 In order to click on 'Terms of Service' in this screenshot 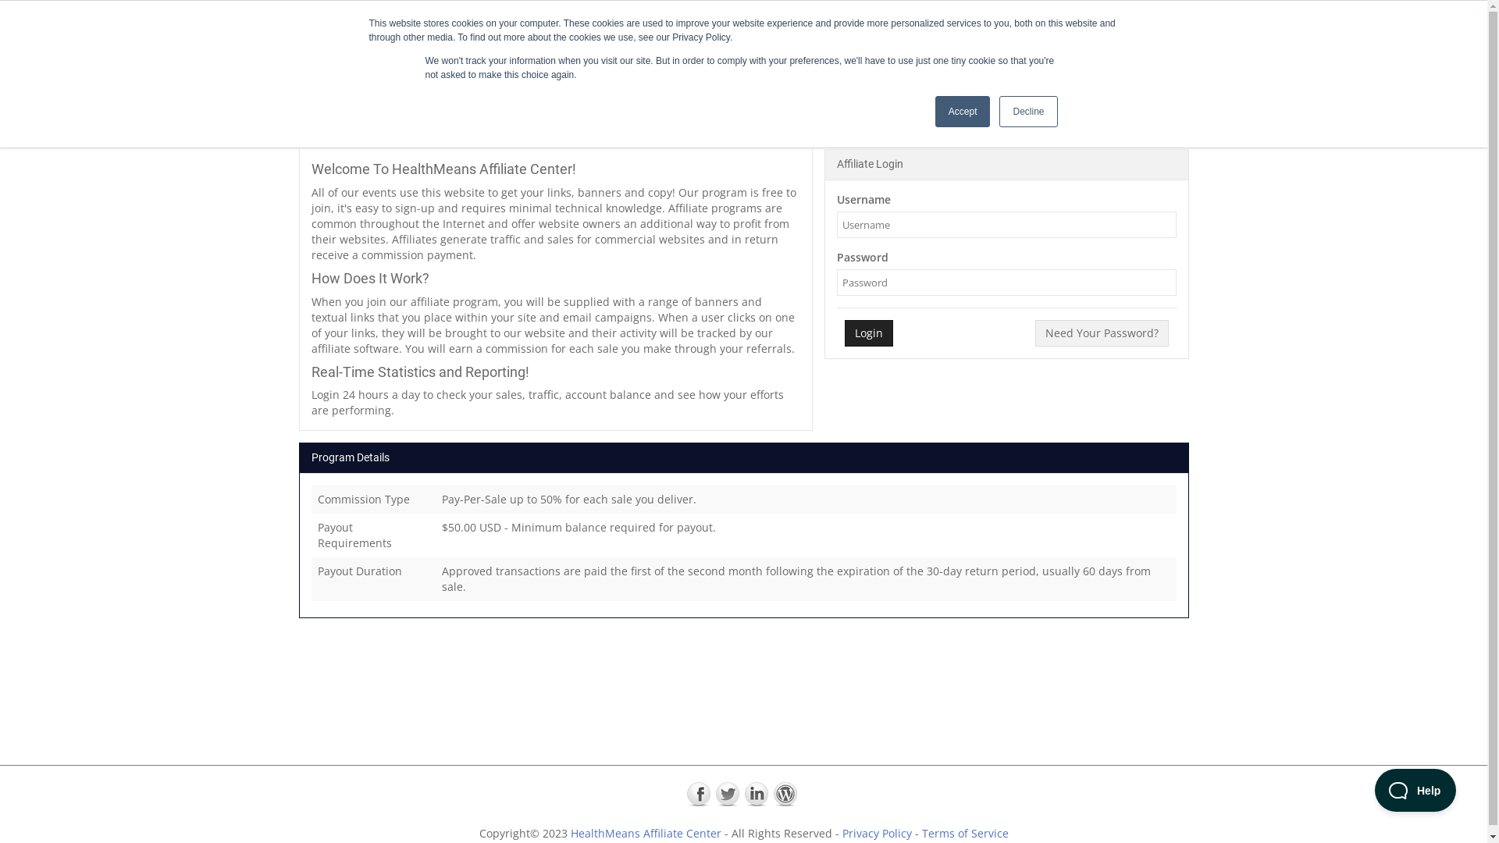, I will do `click(963, 832)`.